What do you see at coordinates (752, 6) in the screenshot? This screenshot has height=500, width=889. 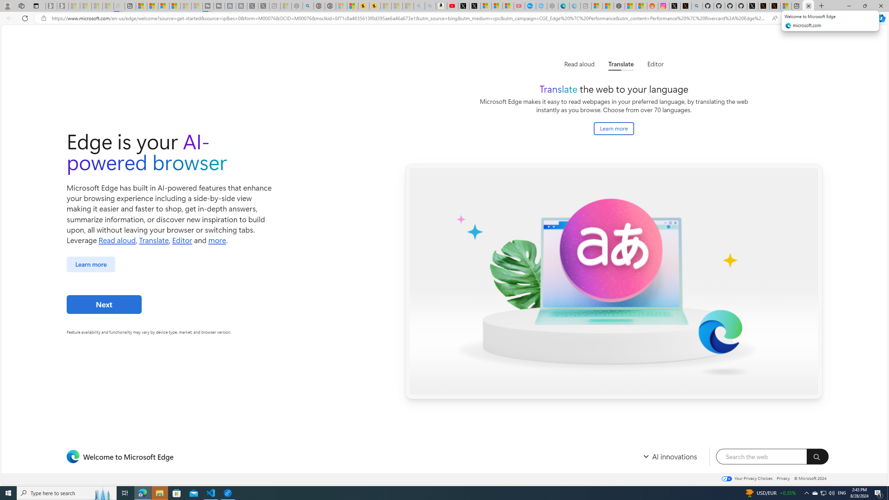 I see `'Profile / X'` at bounding box center [752, 6].